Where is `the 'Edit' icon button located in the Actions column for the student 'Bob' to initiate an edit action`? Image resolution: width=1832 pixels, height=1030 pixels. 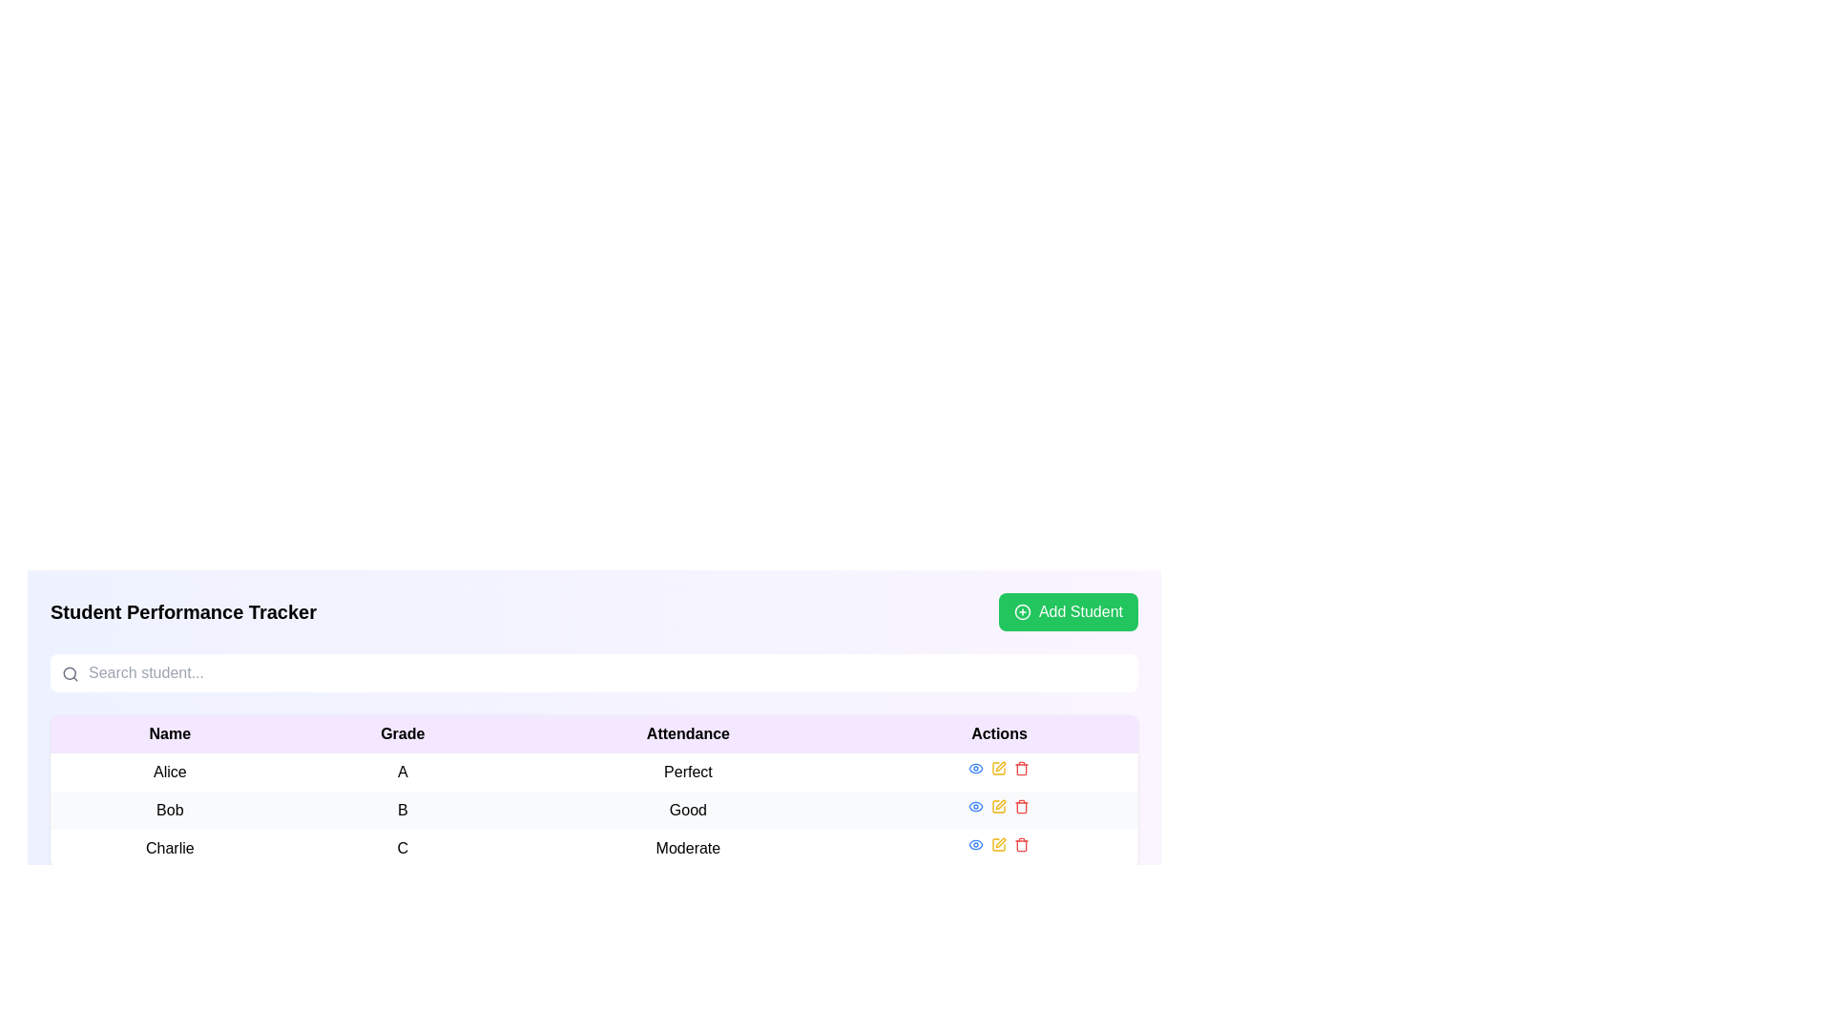
the 'Edit' icon button located in the Actions column for the student 'Bob' to initiate an edit action is located at coordinates (998, 806).